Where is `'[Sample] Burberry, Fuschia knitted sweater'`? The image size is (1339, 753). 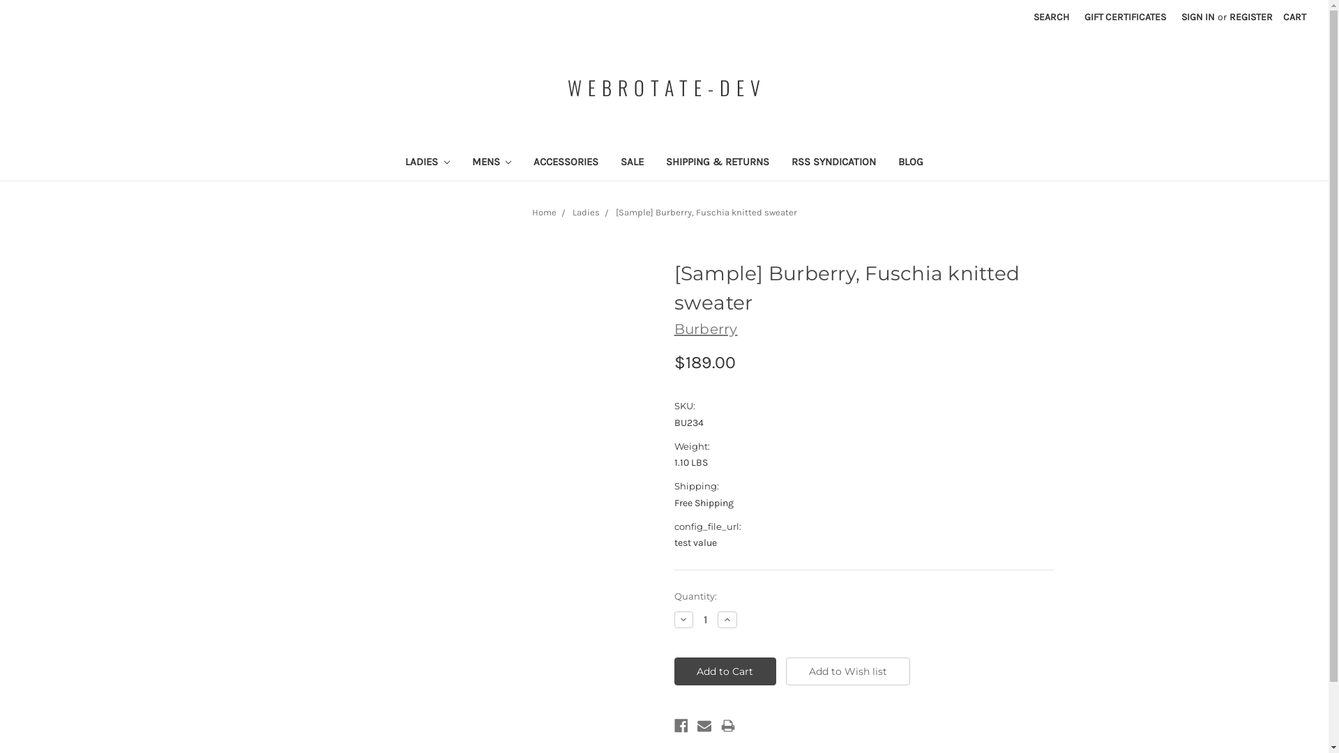
'[Sample] Burberry, Fuschia knitted sweater' is located at coordinates (614, 212).